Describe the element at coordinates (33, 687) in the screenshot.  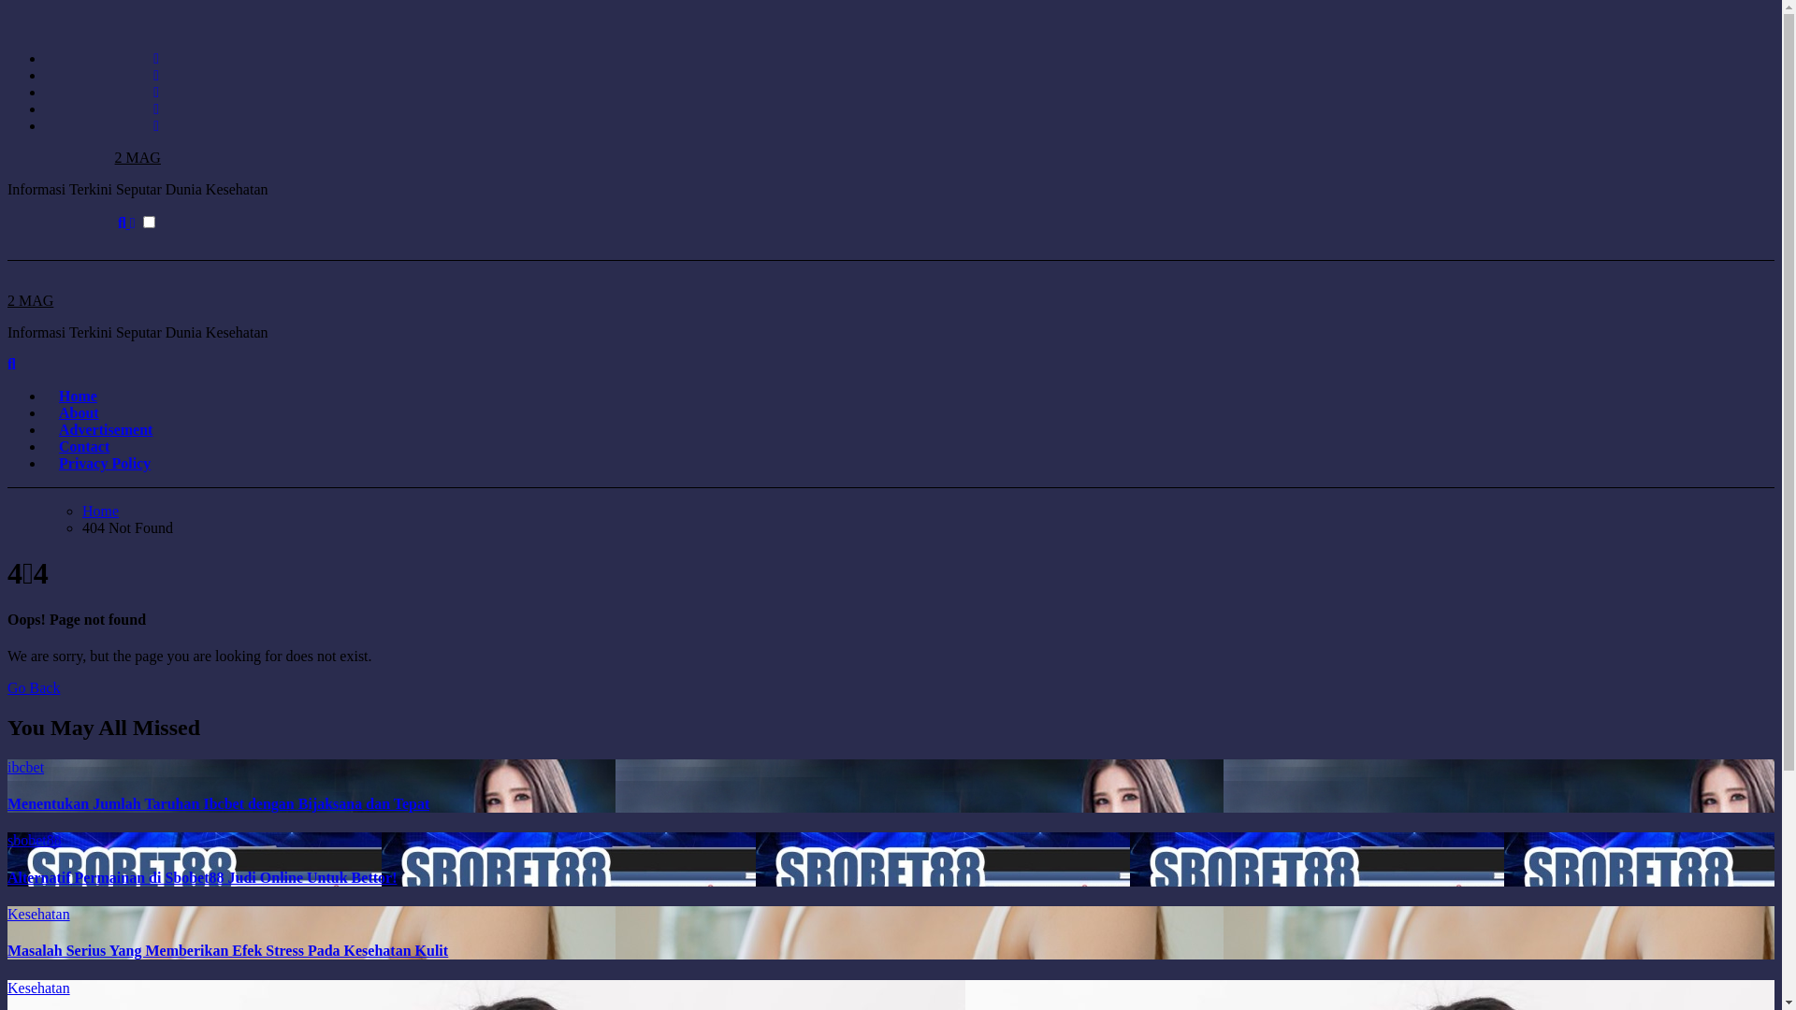
I see `'Go Back'` at that location.